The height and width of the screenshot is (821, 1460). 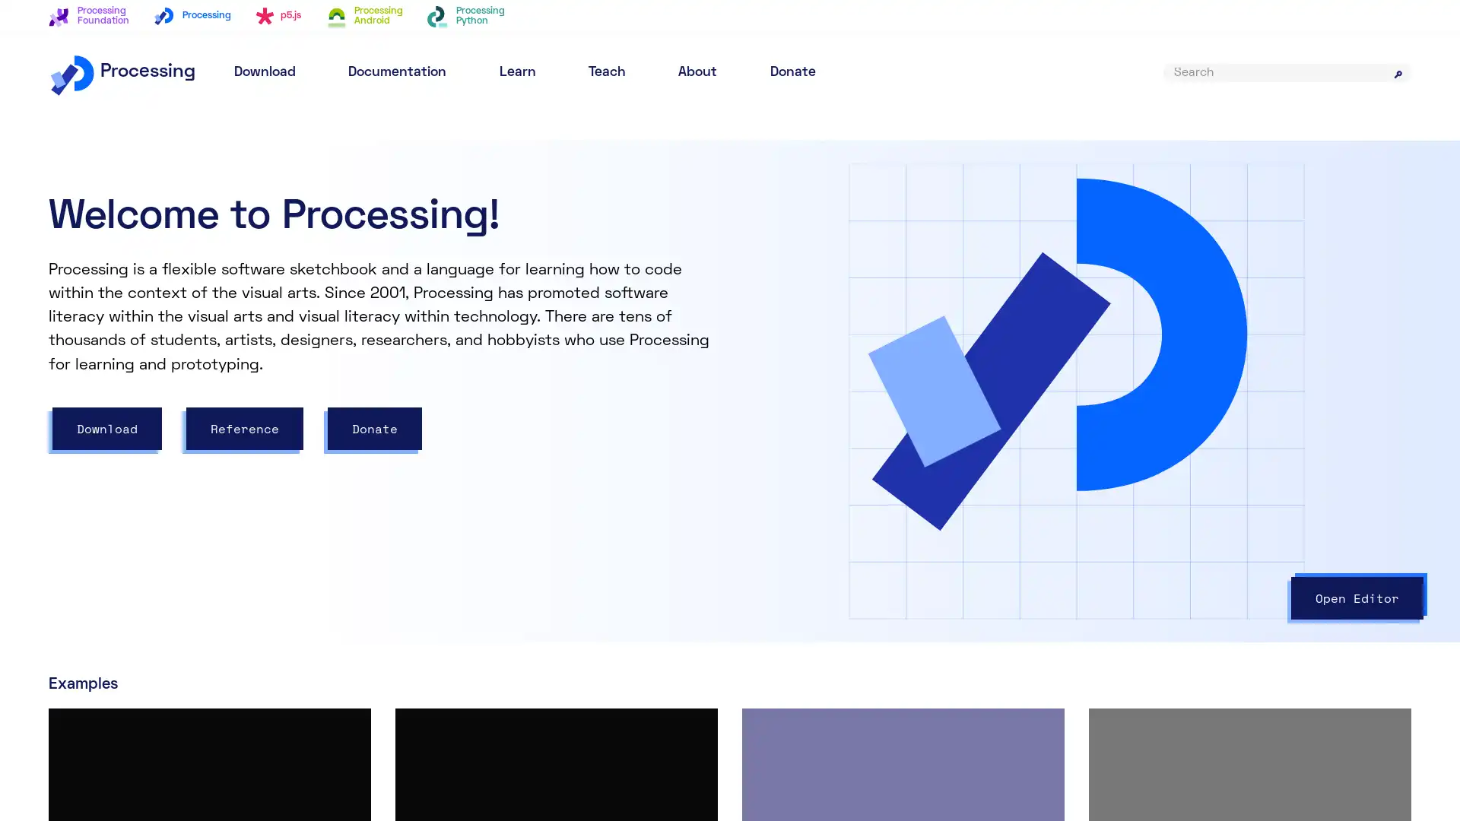 What do you see at coordinates (852, 398) in the screenshot?
I see `change position` at bounding box center [852, 398].